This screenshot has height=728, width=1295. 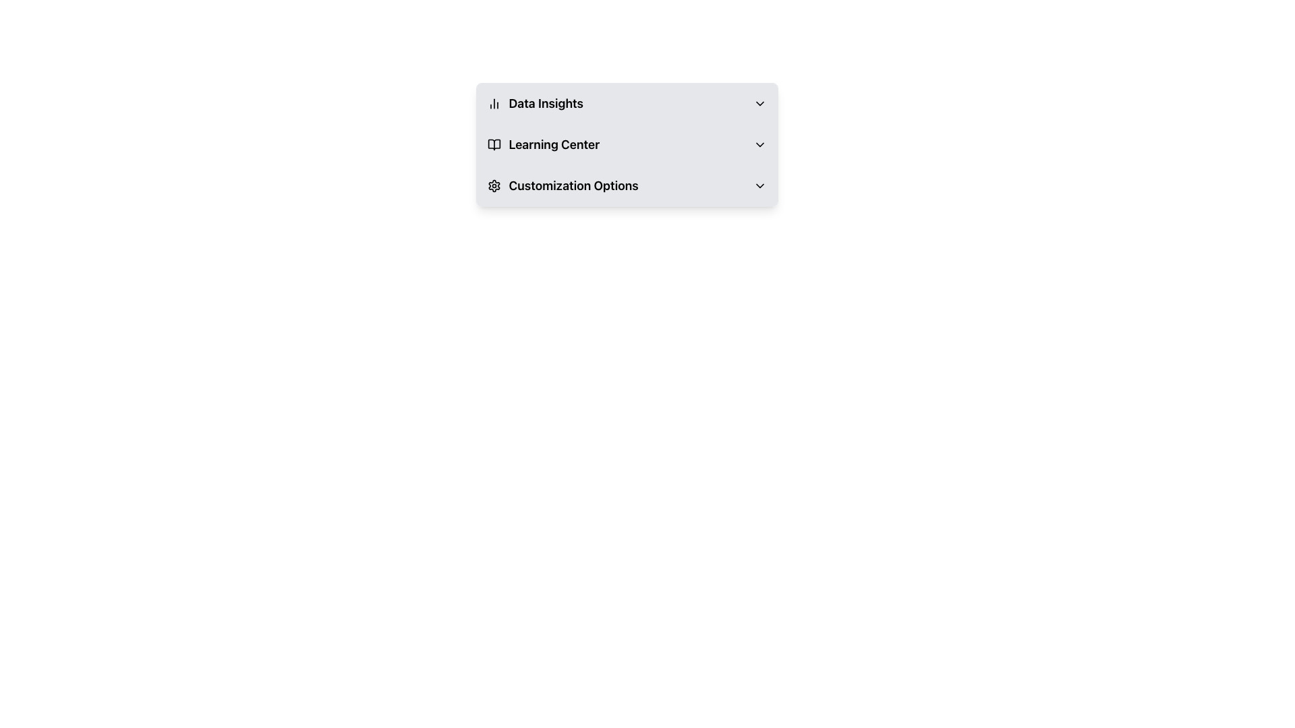 What do you see at coordinates (626, 145) in the screenshot?
I see `the 'Learning Center' interactive menu item` at bounding box center [626, 145].